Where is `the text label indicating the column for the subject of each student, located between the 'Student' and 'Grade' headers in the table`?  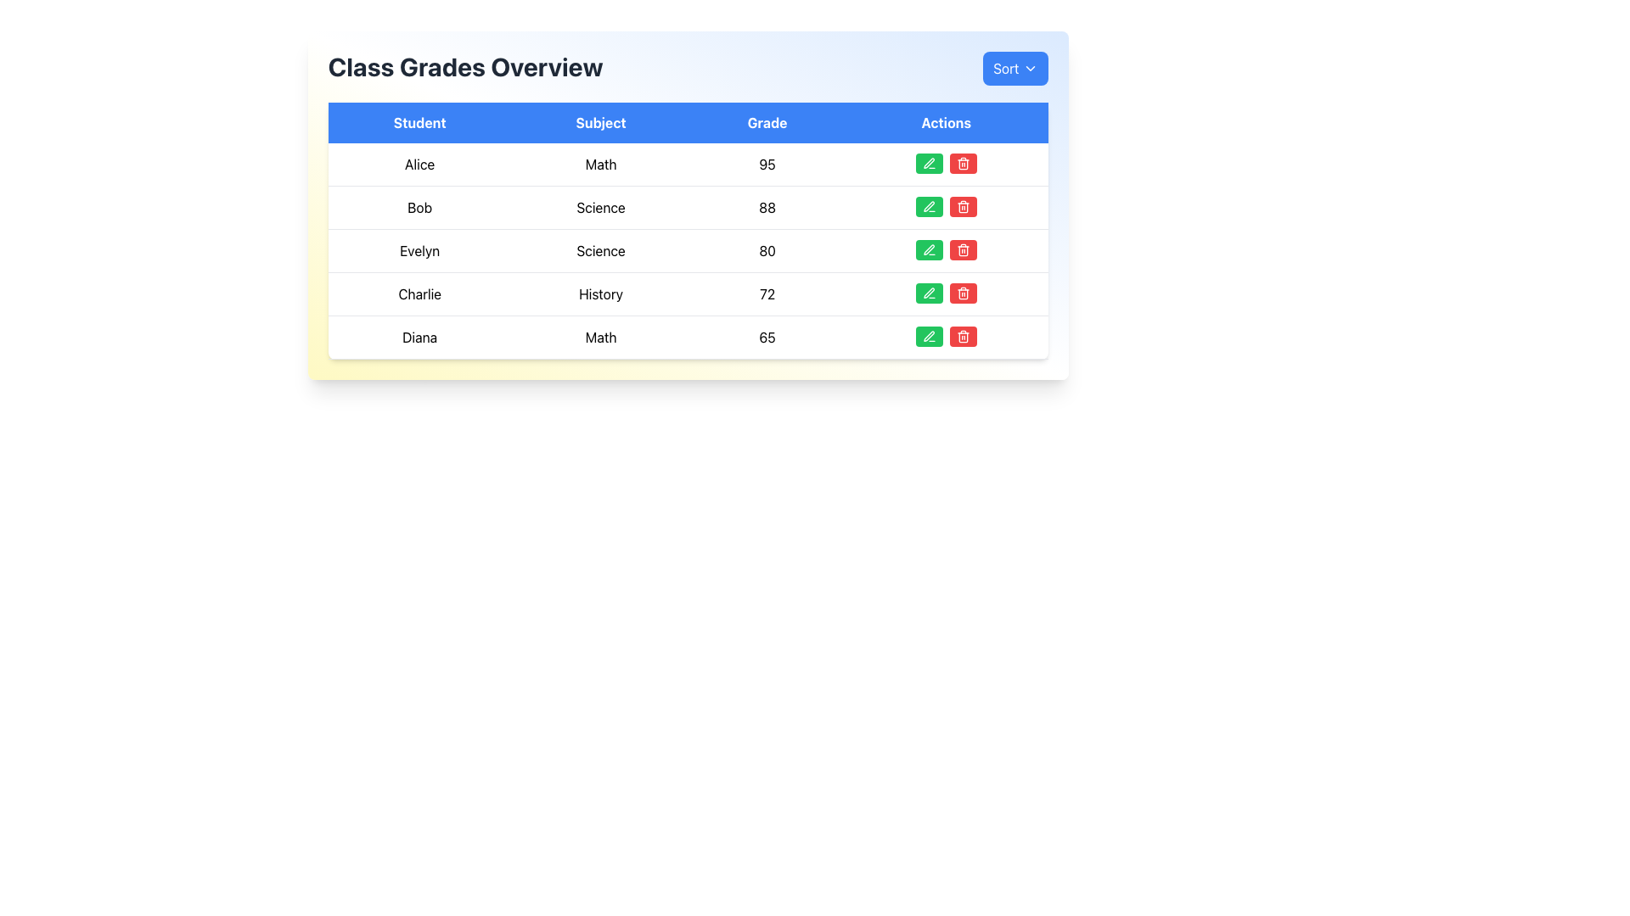 the text label indicating the column for the subject of each student, located between the 'Student' and 'Grade' headers in the table is located at coordinates (601, 122).